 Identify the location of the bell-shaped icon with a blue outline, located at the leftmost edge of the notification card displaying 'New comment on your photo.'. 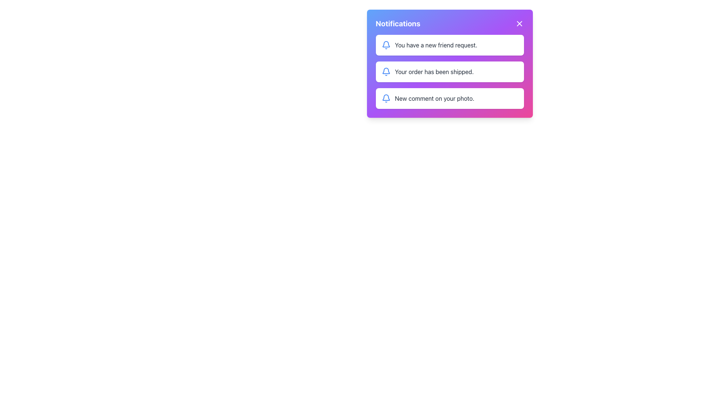
(385, 98).